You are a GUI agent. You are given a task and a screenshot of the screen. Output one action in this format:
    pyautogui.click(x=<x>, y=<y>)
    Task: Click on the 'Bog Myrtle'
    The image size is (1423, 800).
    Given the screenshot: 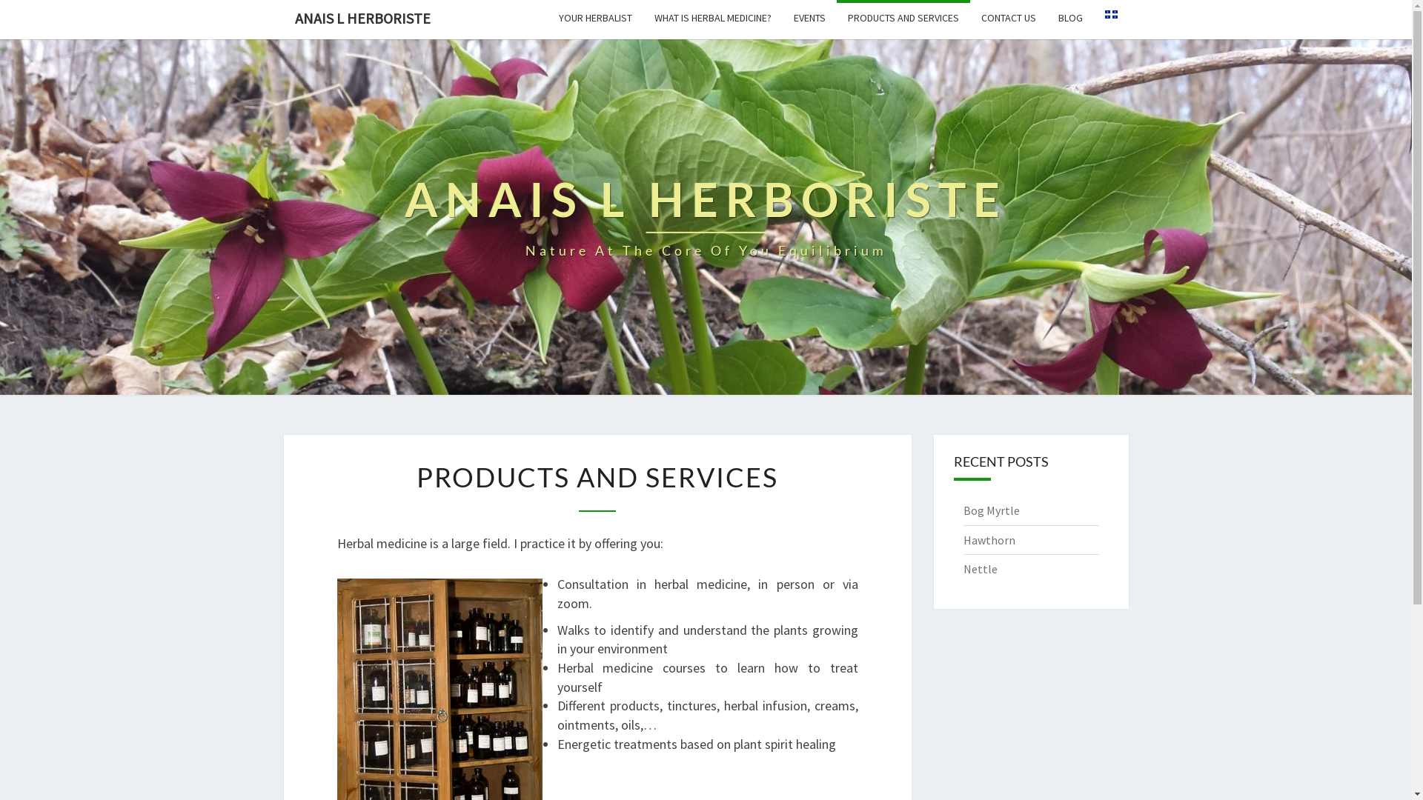 What is the action you would take?
    pyautogui.click(x=992, y=510)
    